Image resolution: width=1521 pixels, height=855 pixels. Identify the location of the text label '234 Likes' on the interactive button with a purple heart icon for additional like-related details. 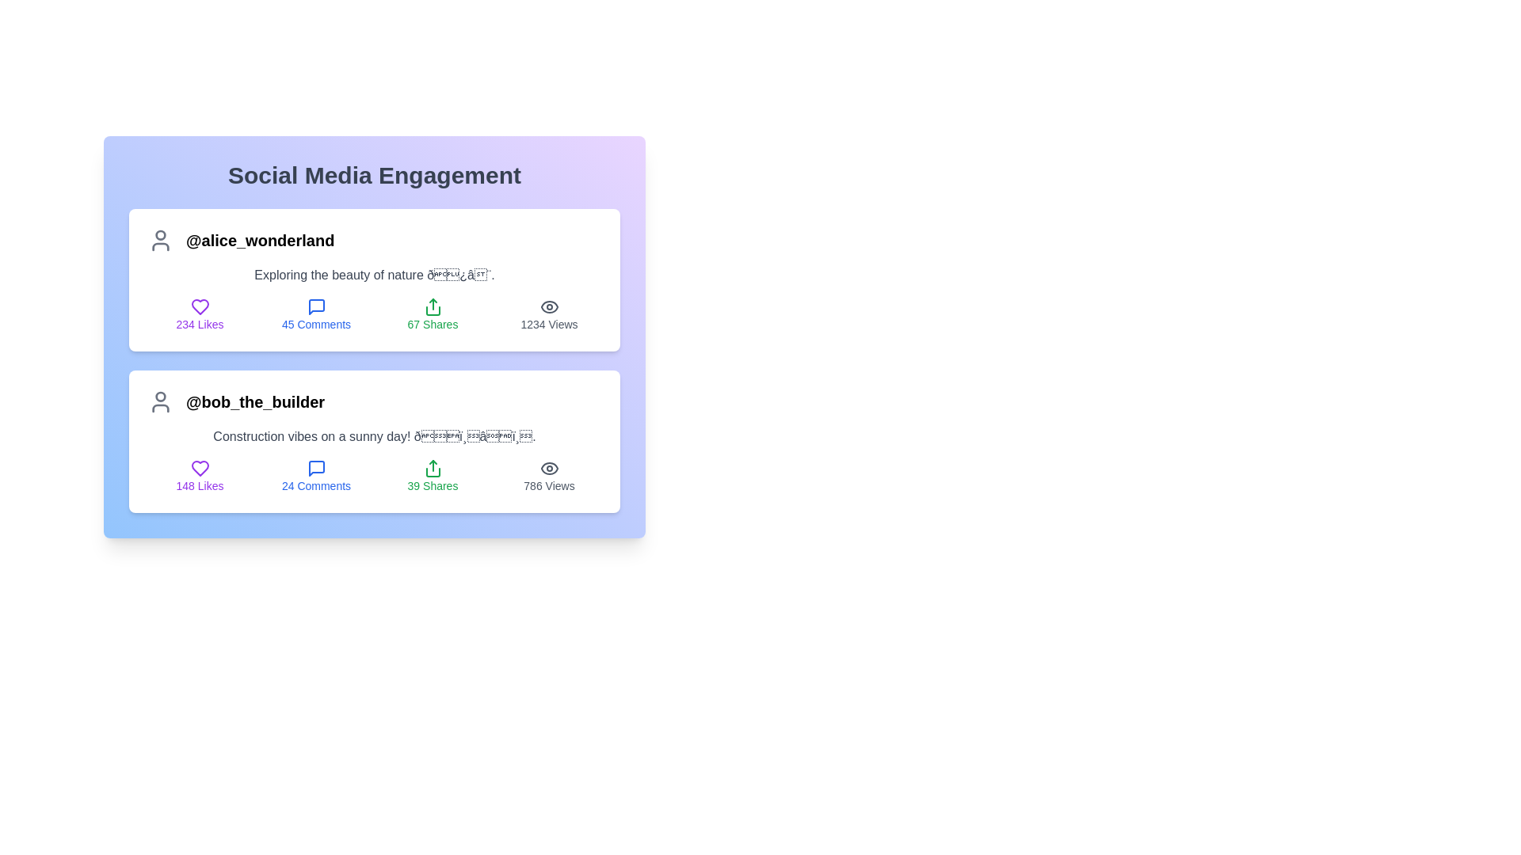
(199, 314).